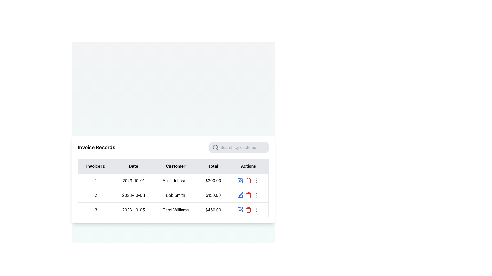  What do you see at coordinates (176, 210) in the screenshot?
I see `the table cell displaying the name 'Carol Williams' in the 'Customer' column of the third row under 'Invoice Records.'` at bounding box center [176, 210].